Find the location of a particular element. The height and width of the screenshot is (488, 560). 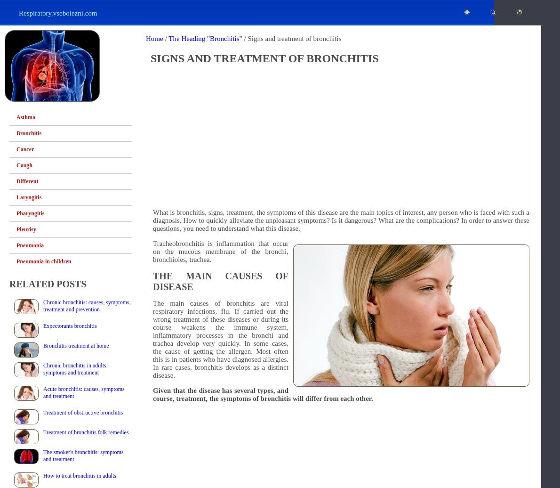

'Tracheobronchitis is inflammation that occur on the mucous membrane of the bronchi, bronchioles, trachea.' is located at coordinates (220, 251).